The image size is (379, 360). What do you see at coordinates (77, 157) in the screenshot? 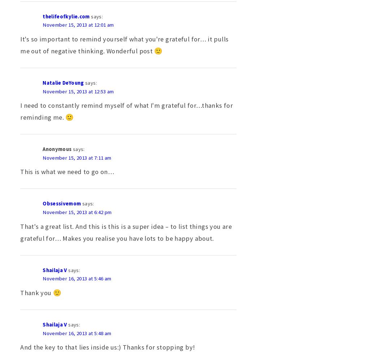
I see `'November 15, 2013 at 7:11 am'` at bounding box center [77, 157].